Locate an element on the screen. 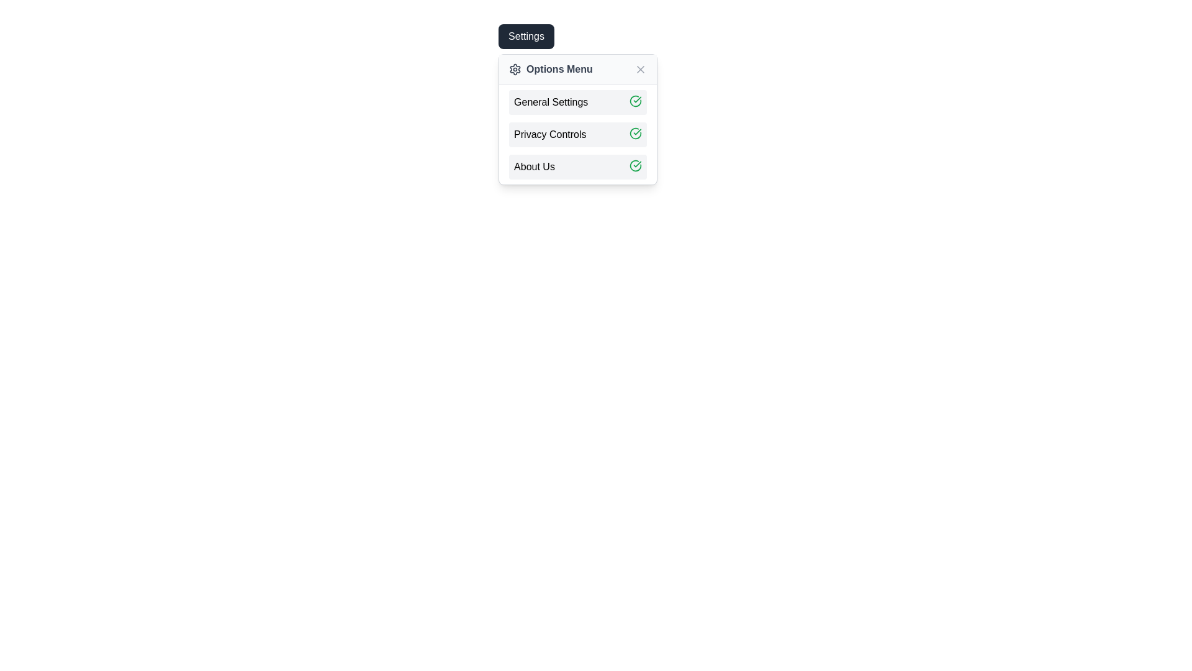 Image resolution: width=1192 pixels, height=671 pixels. the 'Options Menu' text element with a gear icon, which is the first element in the 'Settings' popup menu is located at coordinates (550, 69).